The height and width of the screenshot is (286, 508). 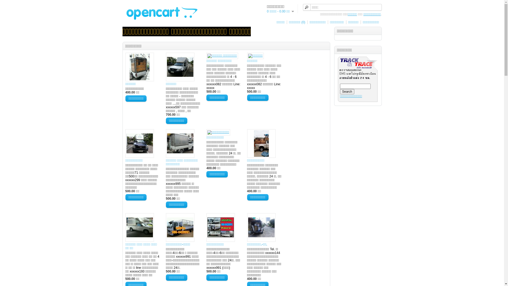 What do you see at coordinates (347, 91) in the screenshot?
I see `'Search'` at bounding box center [347, 91].